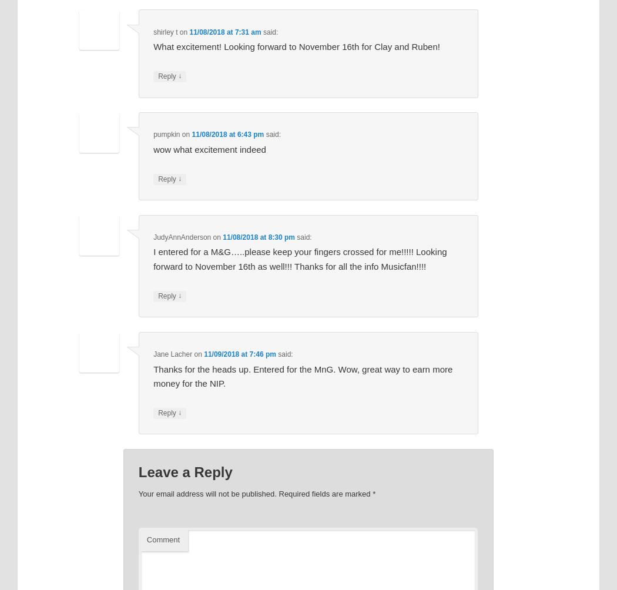  I want to click on 'Leave a Reply', so click(185, 472).